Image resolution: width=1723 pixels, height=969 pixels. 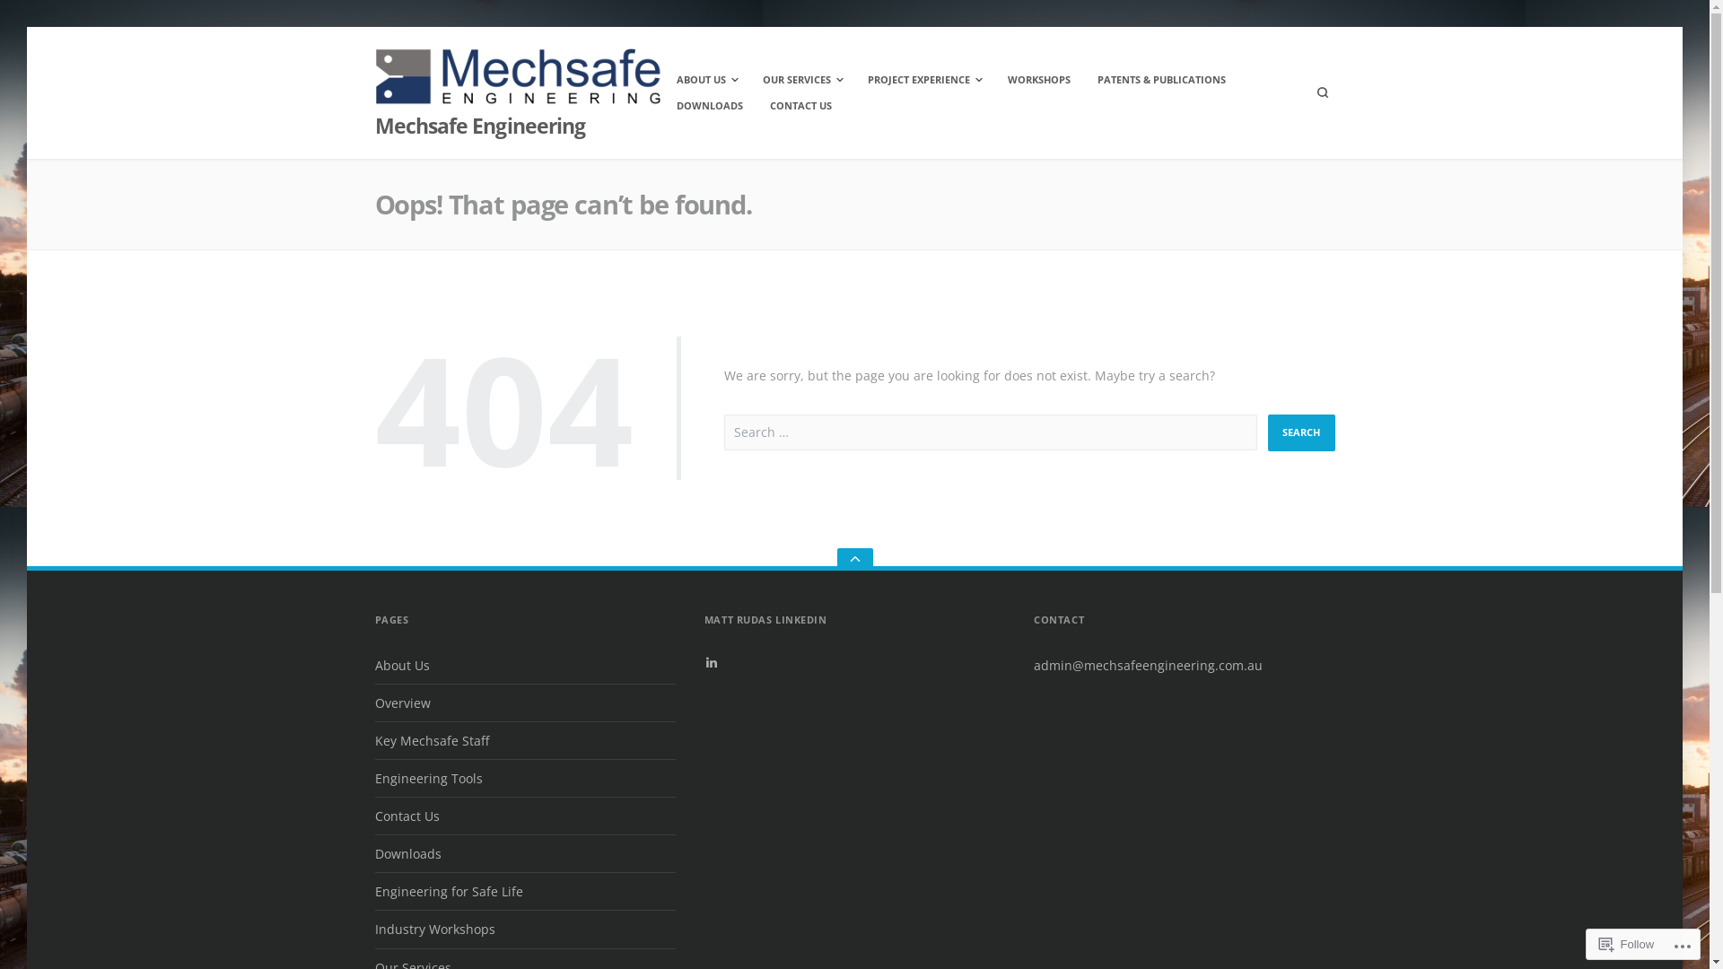 What do you see at coordinates (1147, 665) in the screenshot?
I see `'admin@mechsafeengineering.com.au'` at bounding box center [1147, 665].